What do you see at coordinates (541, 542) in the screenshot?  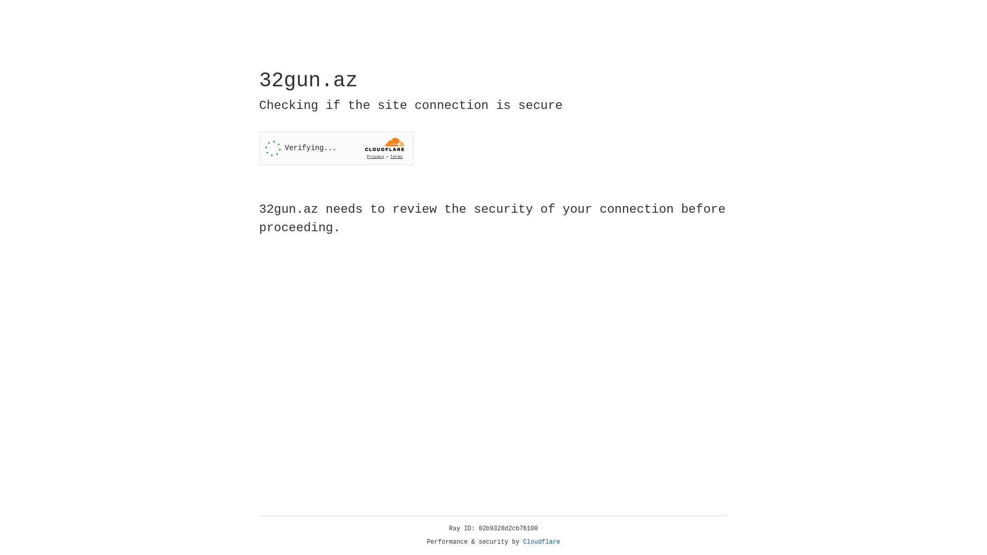 I see `'Cloudflare'` at bounding box center [541, 542].